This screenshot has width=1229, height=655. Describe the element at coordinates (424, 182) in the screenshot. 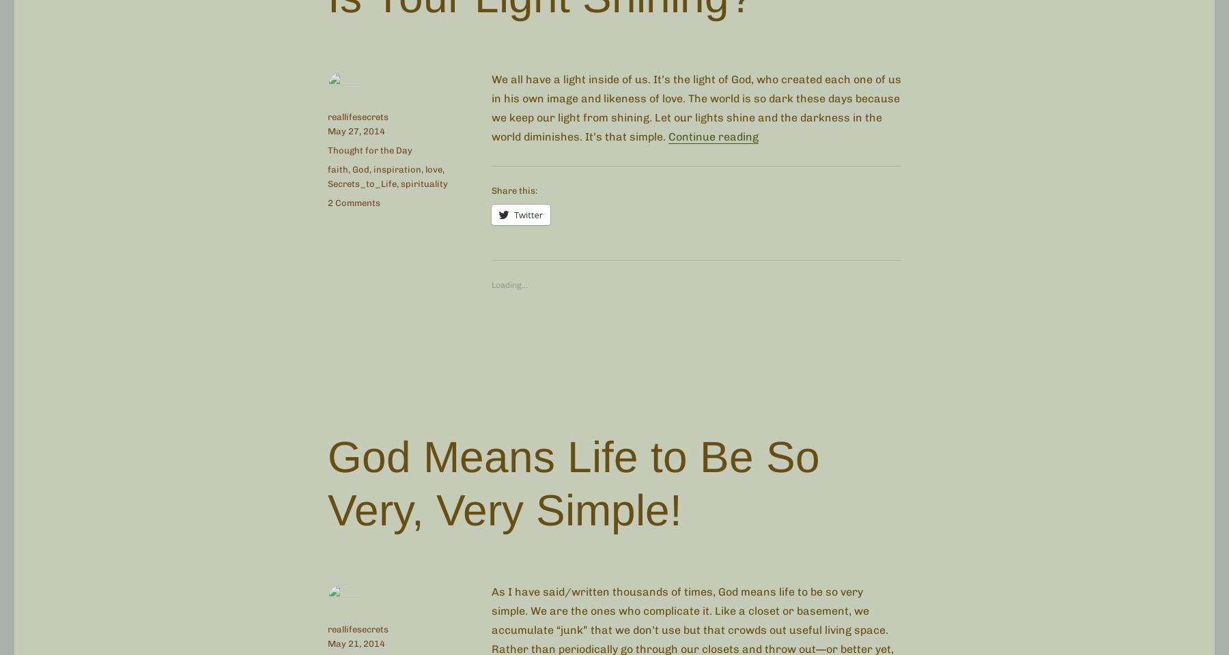

I see `'spirituality'` at that location.